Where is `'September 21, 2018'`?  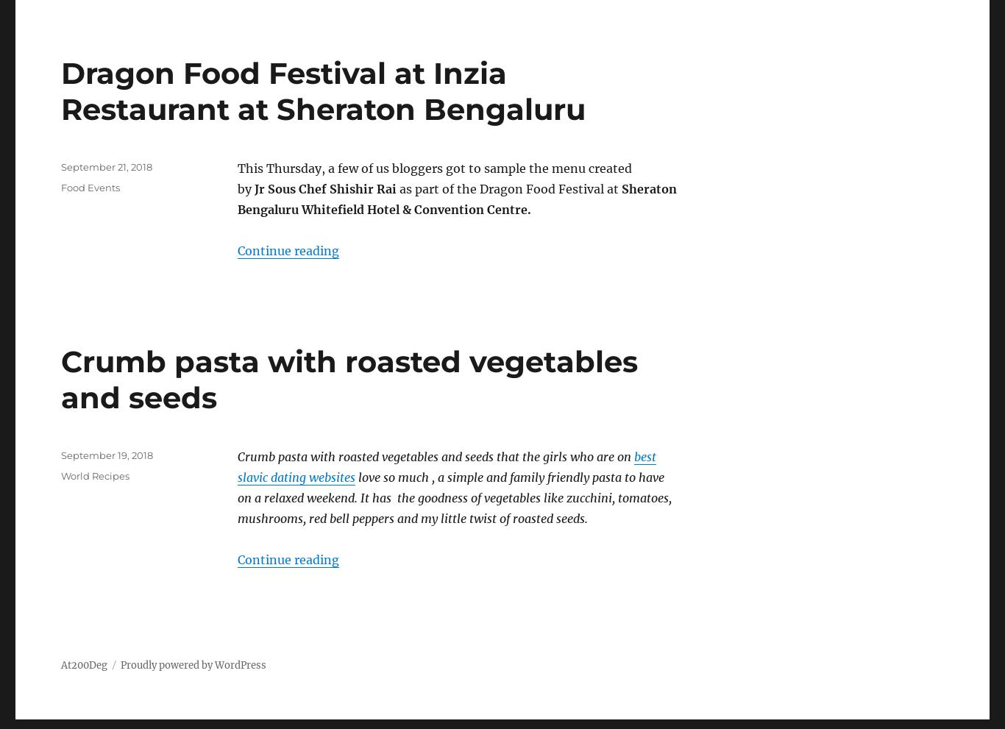 'September 21, 2018' is located at coordinates (105, 166).